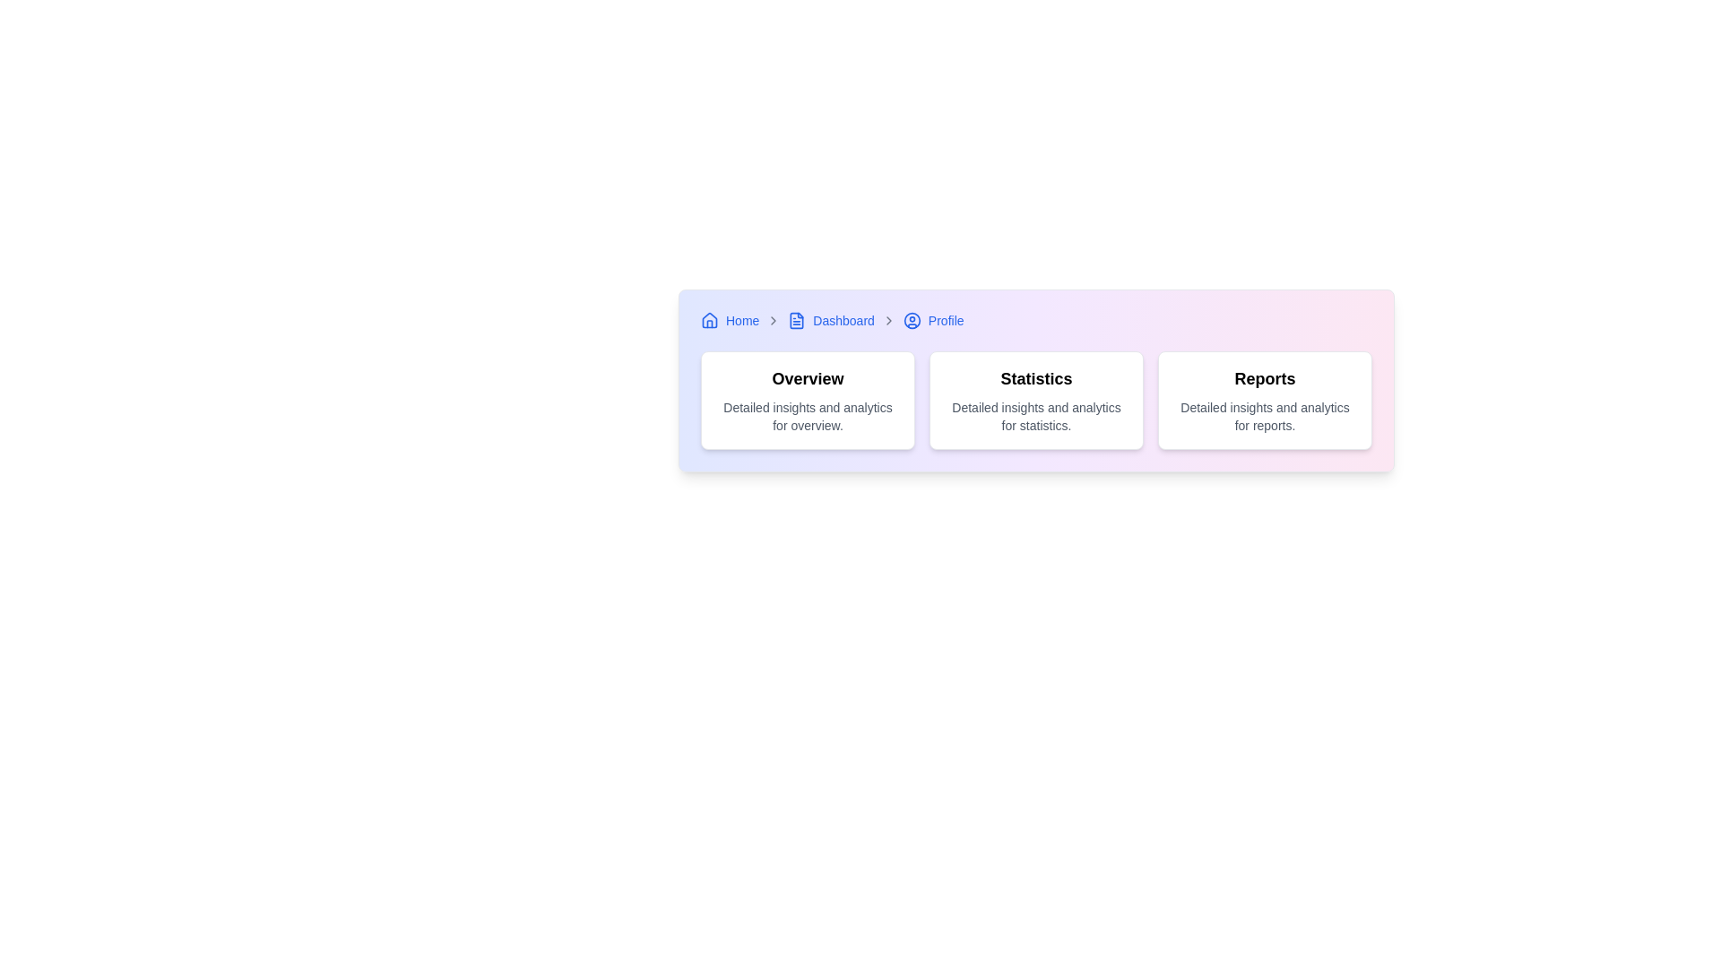 The width and height of the screenshot is (1721, 968). I want to click on the hyperlink text that allows users, so click(843, 320).